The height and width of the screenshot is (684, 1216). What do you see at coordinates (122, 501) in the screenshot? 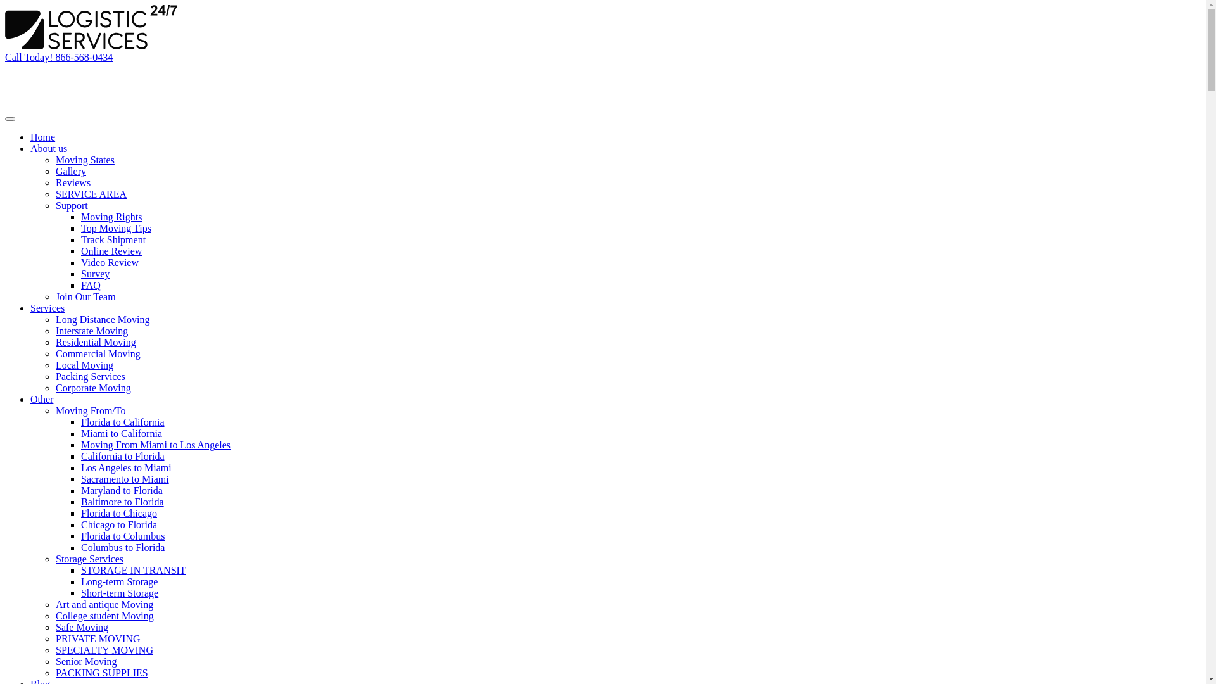
I see `'Baltimore to Florida'` at bounding box center [122, 501].